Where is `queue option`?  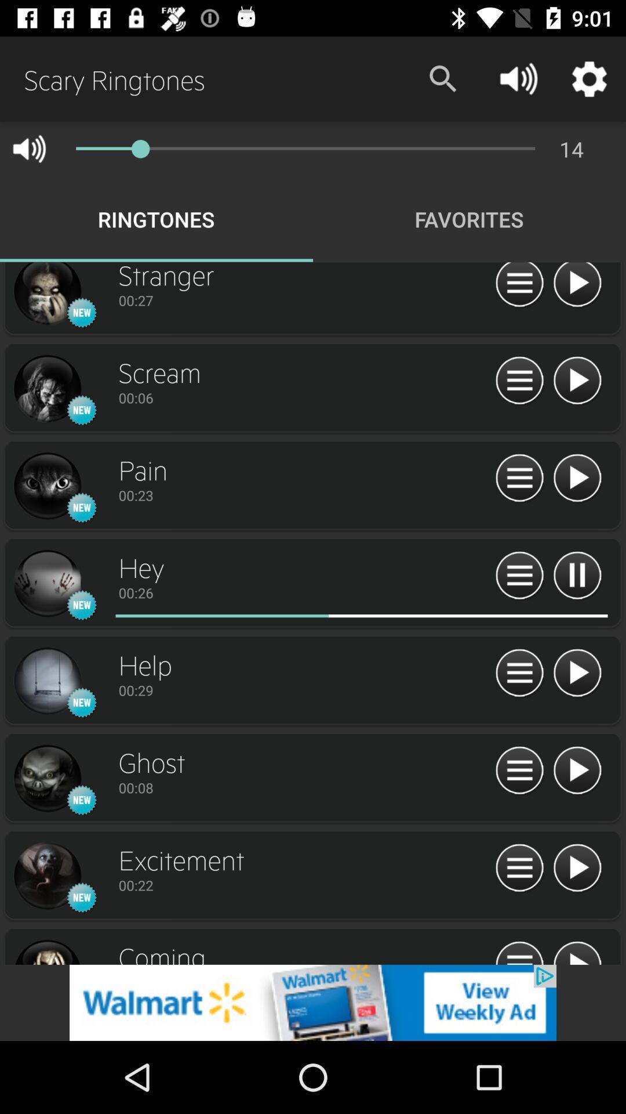 queue option is located at coordinates (519, 771).